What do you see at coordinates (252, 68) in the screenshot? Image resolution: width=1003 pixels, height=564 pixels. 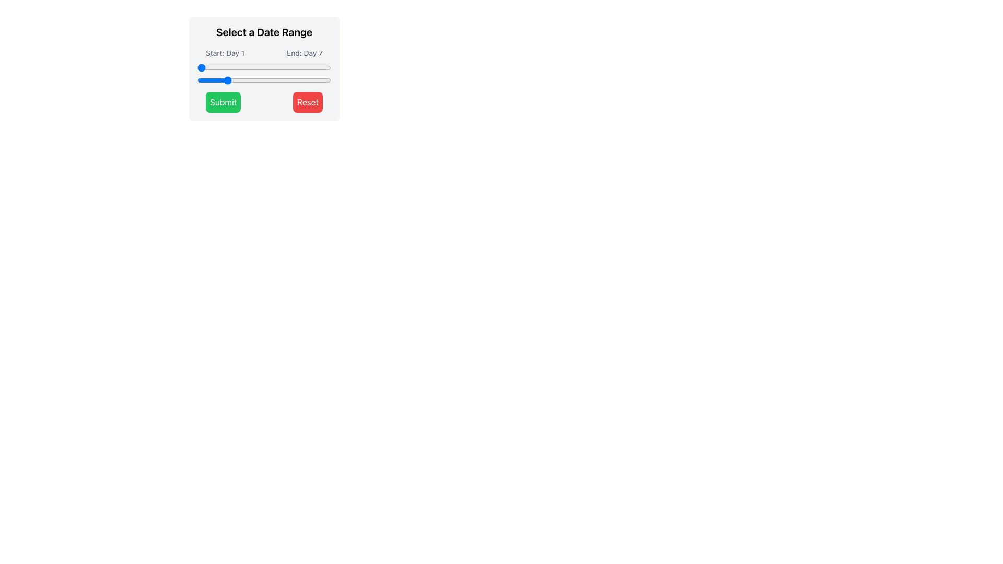 I see `the slider` at bounding box center [252, 68].